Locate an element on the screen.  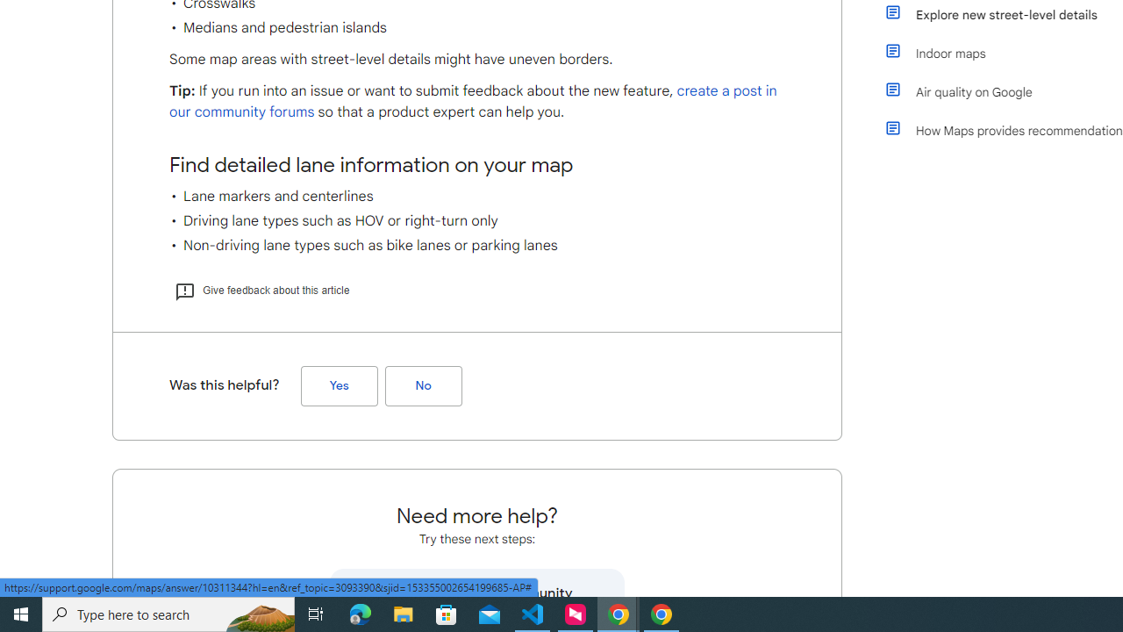
'Give feedback about this article' is located at coordinates (261, 289).